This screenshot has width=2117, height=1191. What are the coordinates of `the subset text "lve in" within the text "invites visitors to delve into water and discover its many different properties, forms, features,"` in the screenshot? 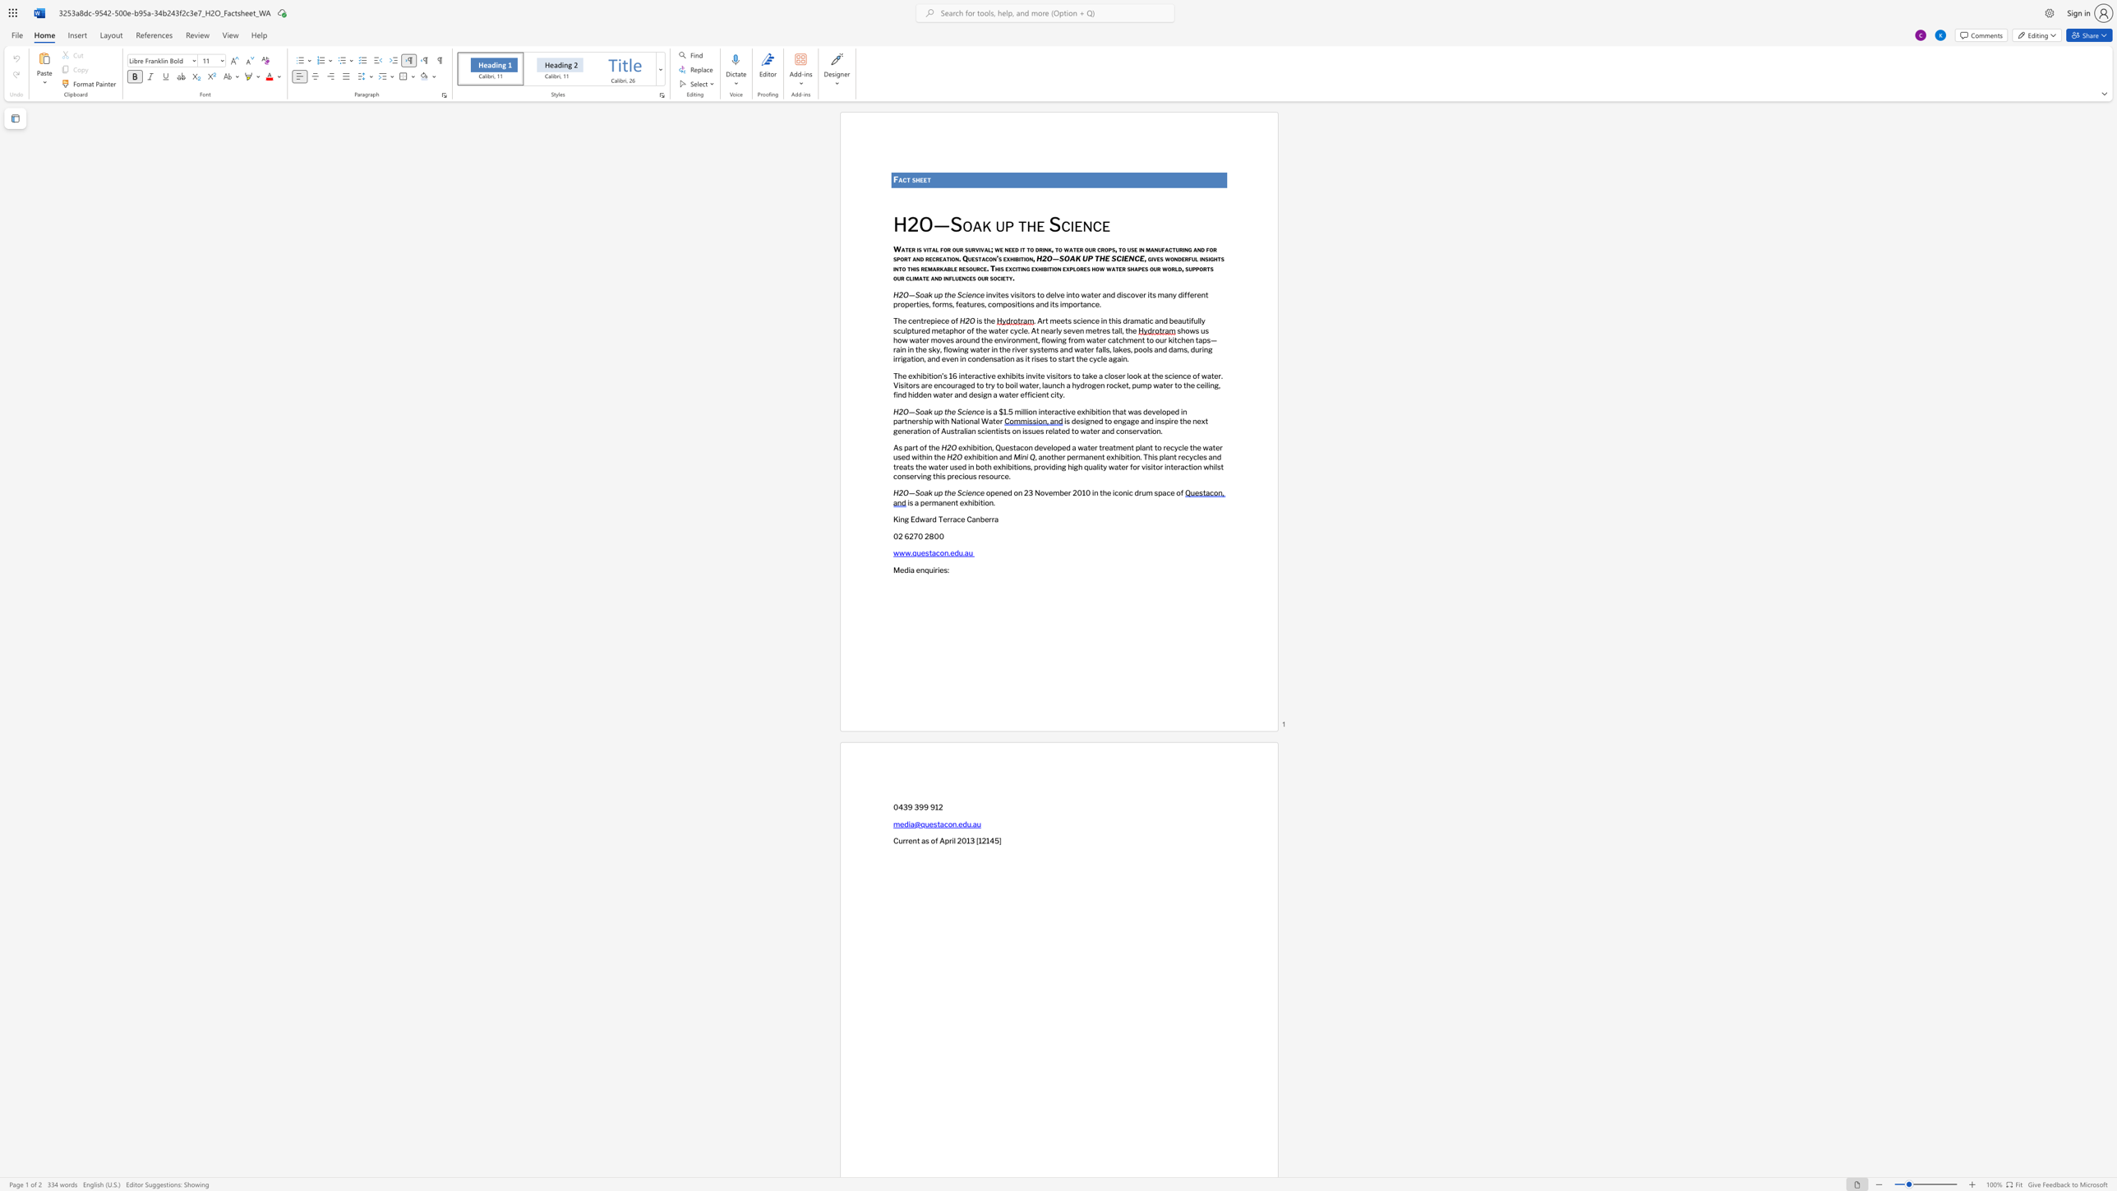 It's located at (1054, 294).